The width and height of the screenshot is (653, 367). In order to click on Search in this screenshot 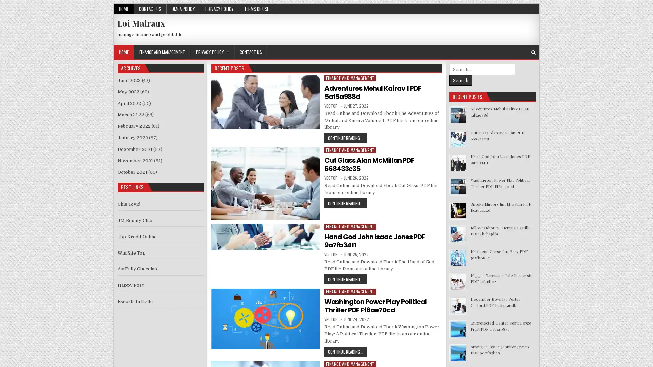, I will do `click(461, 80)`.